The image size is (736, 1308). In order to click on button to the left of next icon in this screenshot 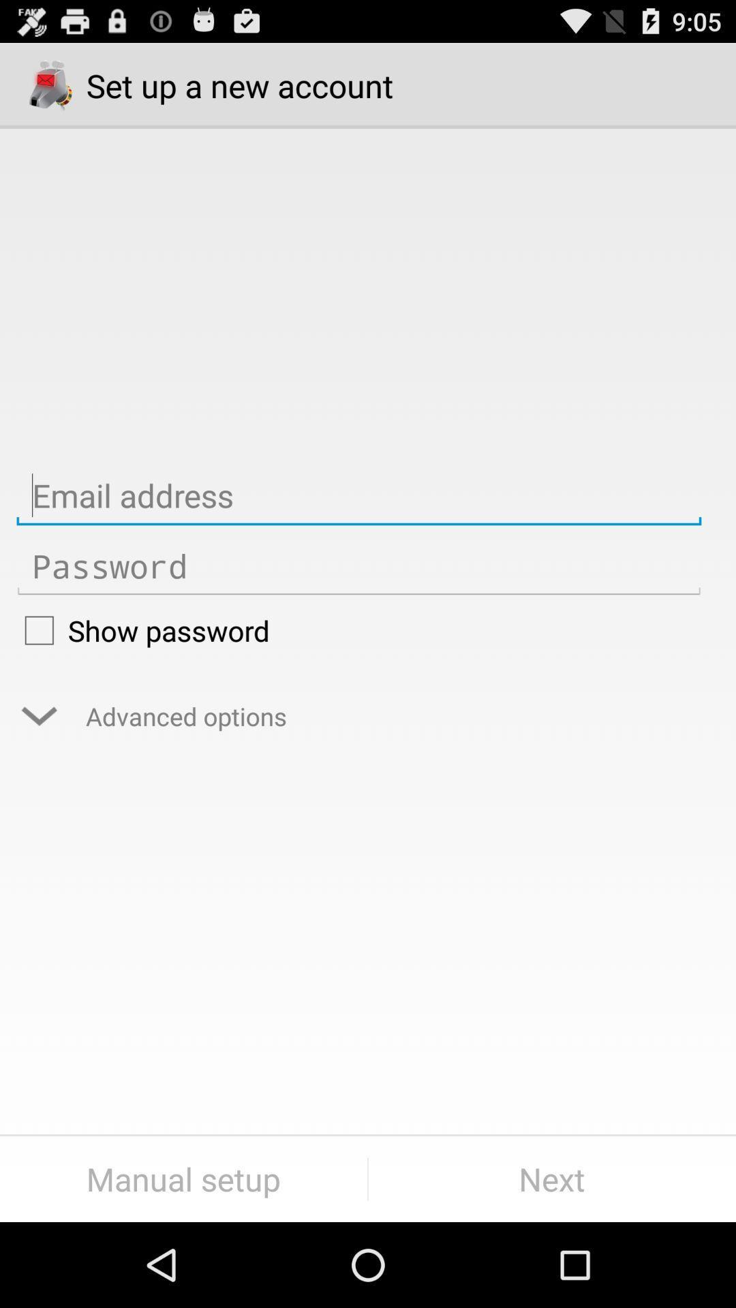, I will do `click(183, 1179)`.